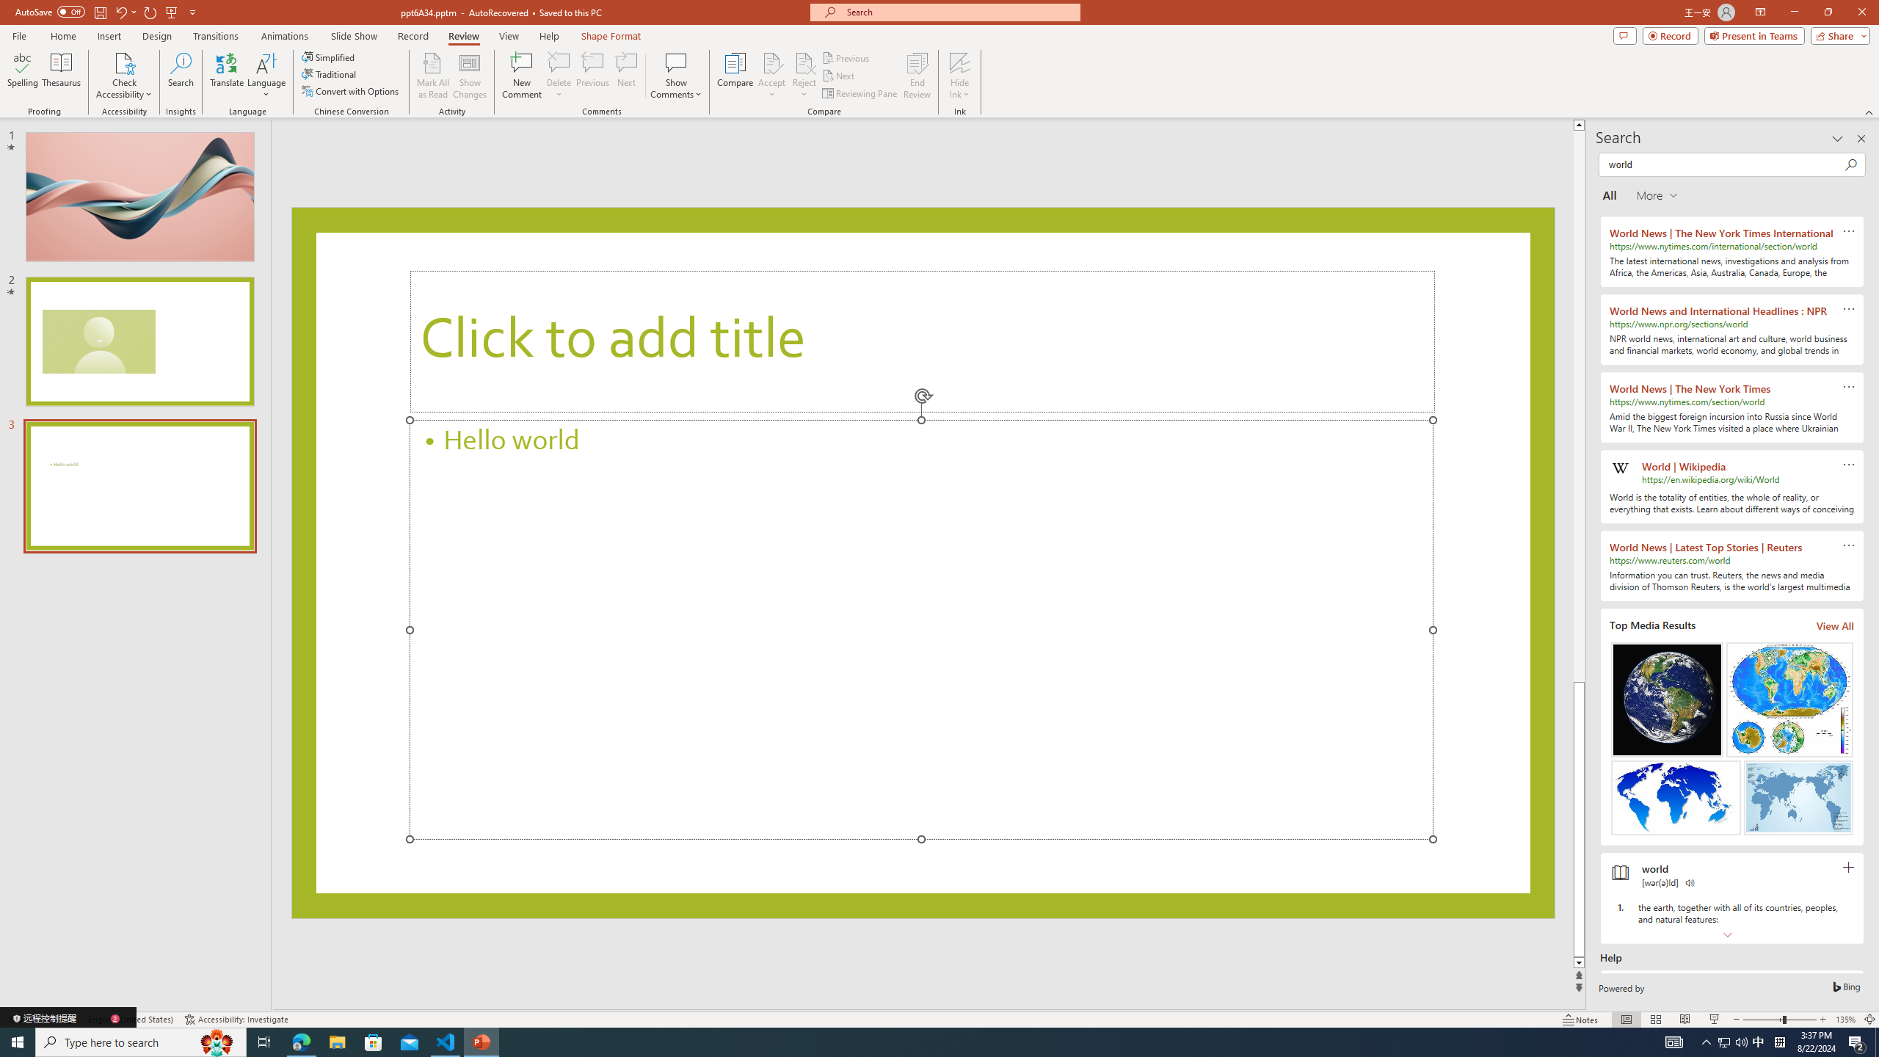 The width and height of the screenshot is (1879, 1057). Describe the element at coordinates (916, 76) in the screenshot. I see `'End Review'` at that location.